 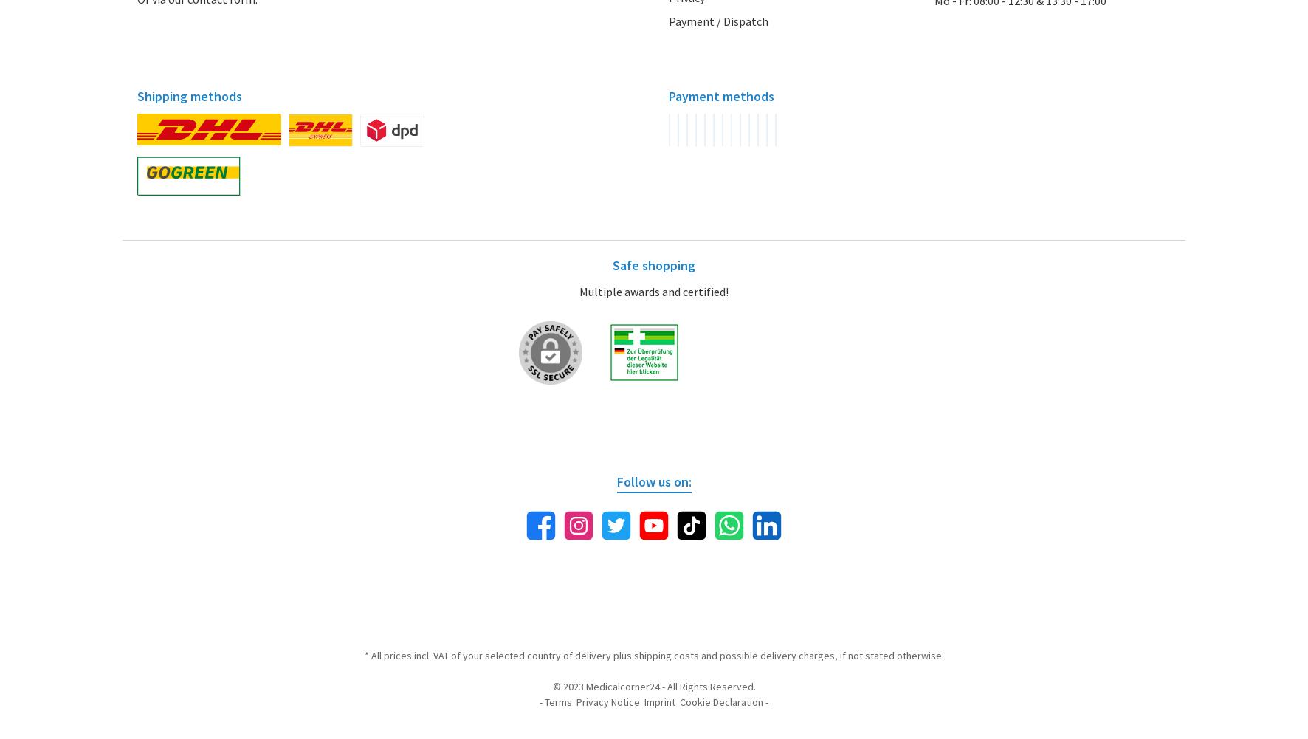 I want to click on 'Payment methods', so click(x=720, y=94).